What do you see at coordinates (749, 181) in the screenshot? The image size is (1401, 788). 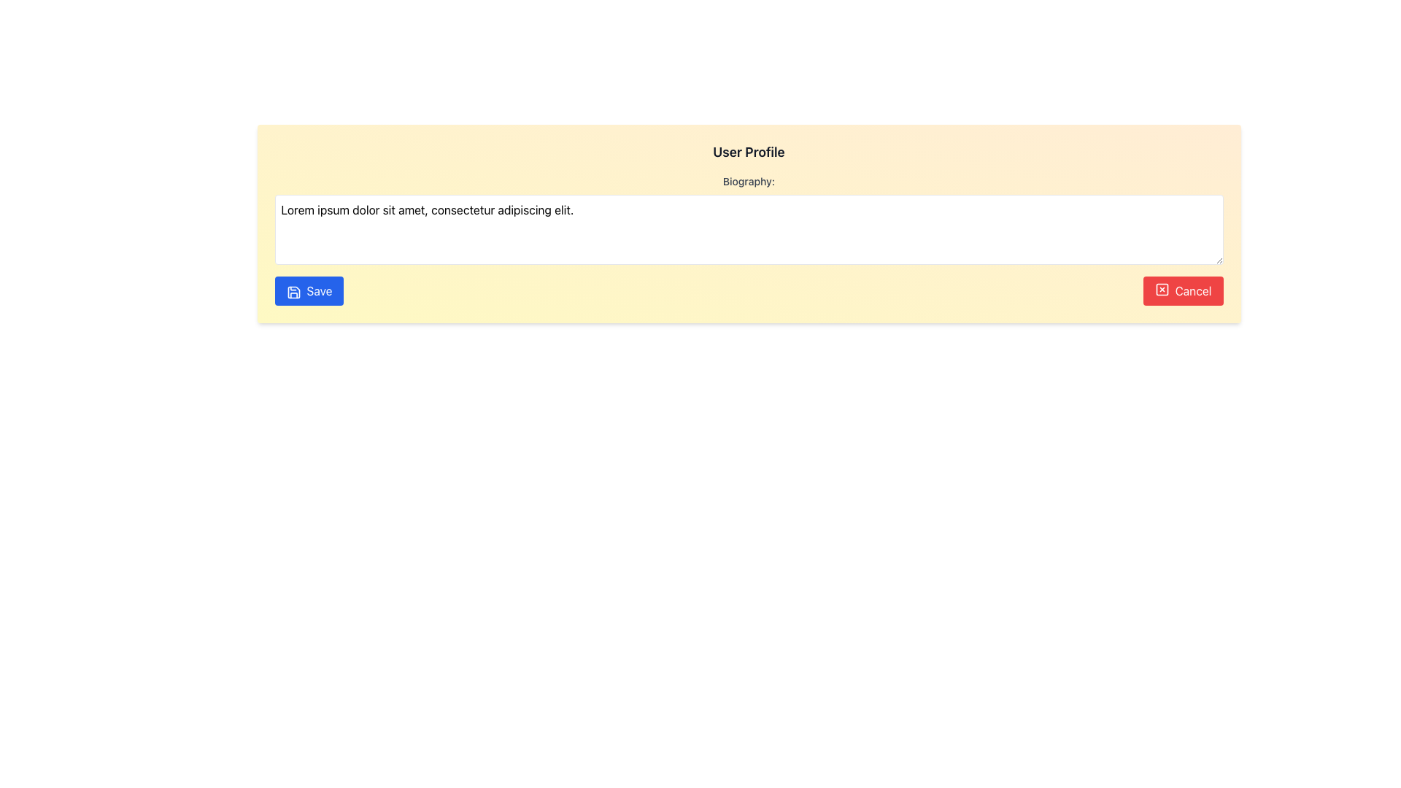 I see `the 'Biography:' label, which is styled with a medium-sized font and located above the text input area` at bounding box center [749, 181].